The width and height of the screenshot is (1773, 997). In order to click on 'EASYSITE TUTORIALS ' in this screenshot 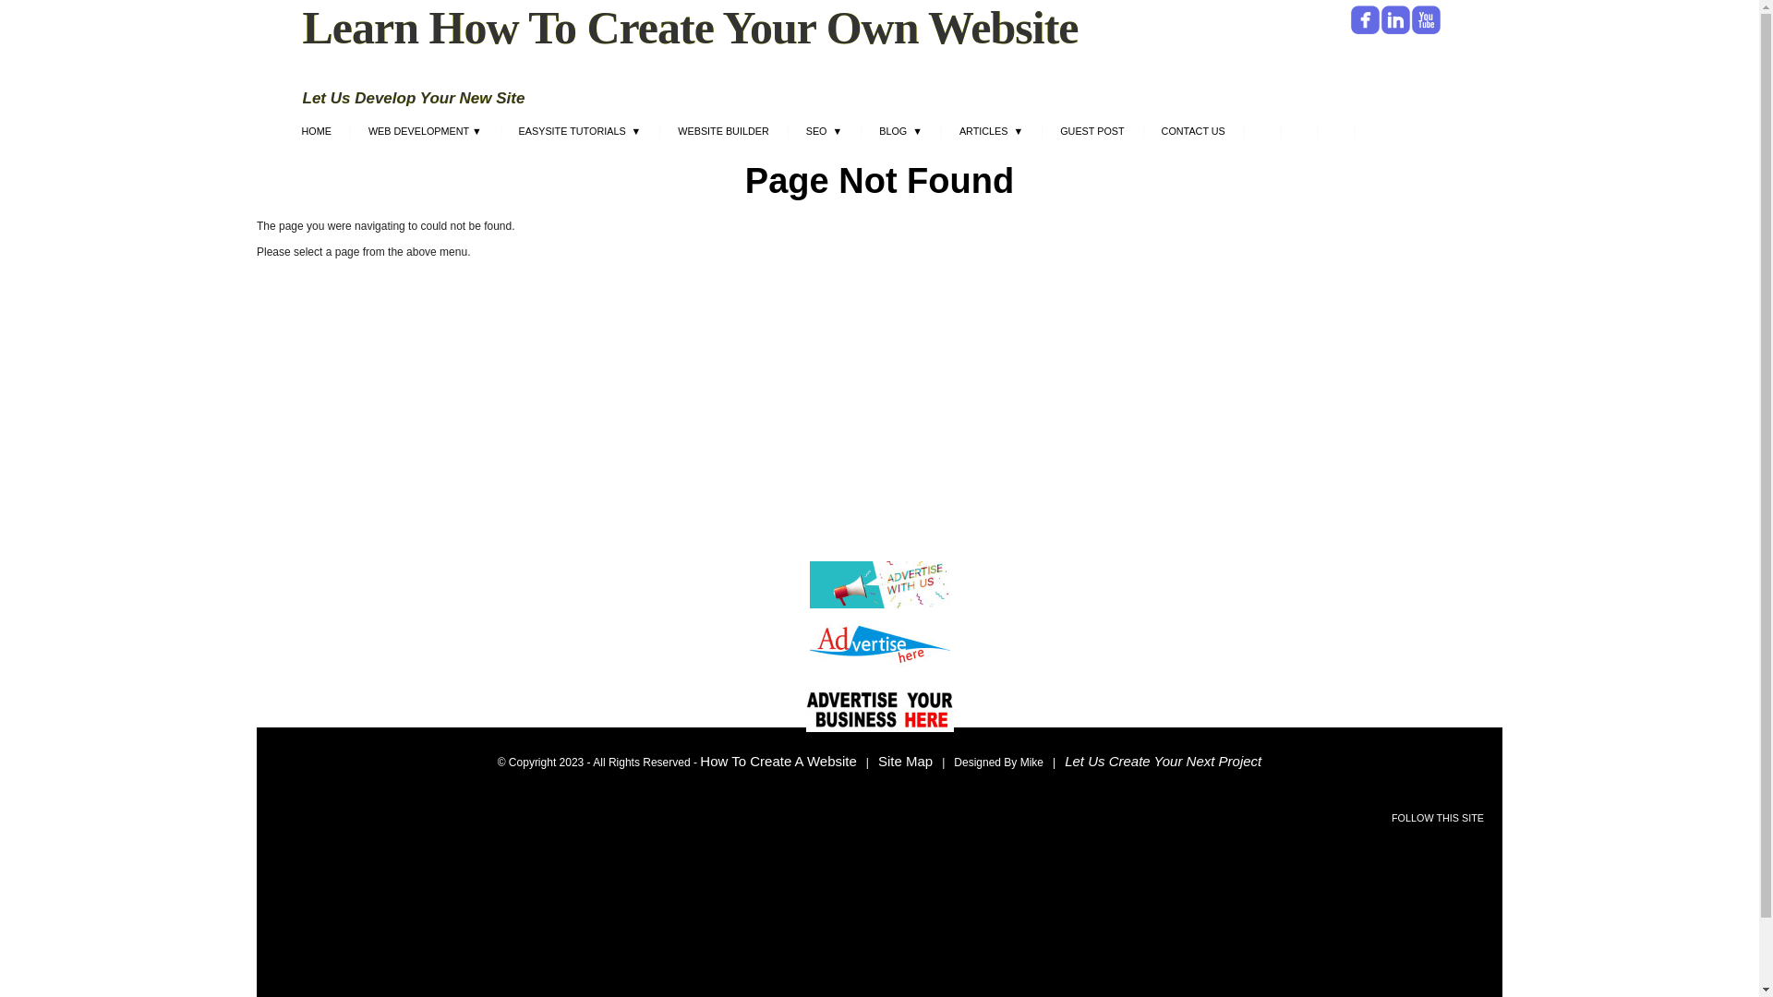, I will do `click(579, 133)`.